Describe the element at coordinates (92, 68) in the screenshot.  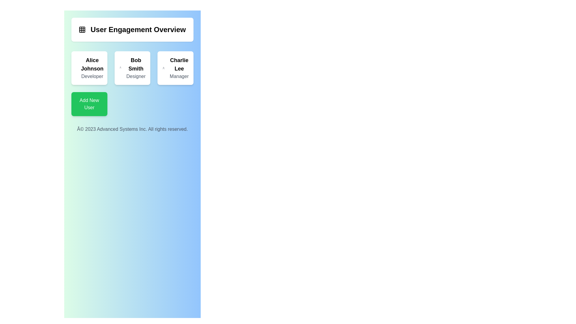
I see `information displayed in the Text label that shows the user's name and role, located in the white card beneath the 'User Engagement Overview' header` at that location.